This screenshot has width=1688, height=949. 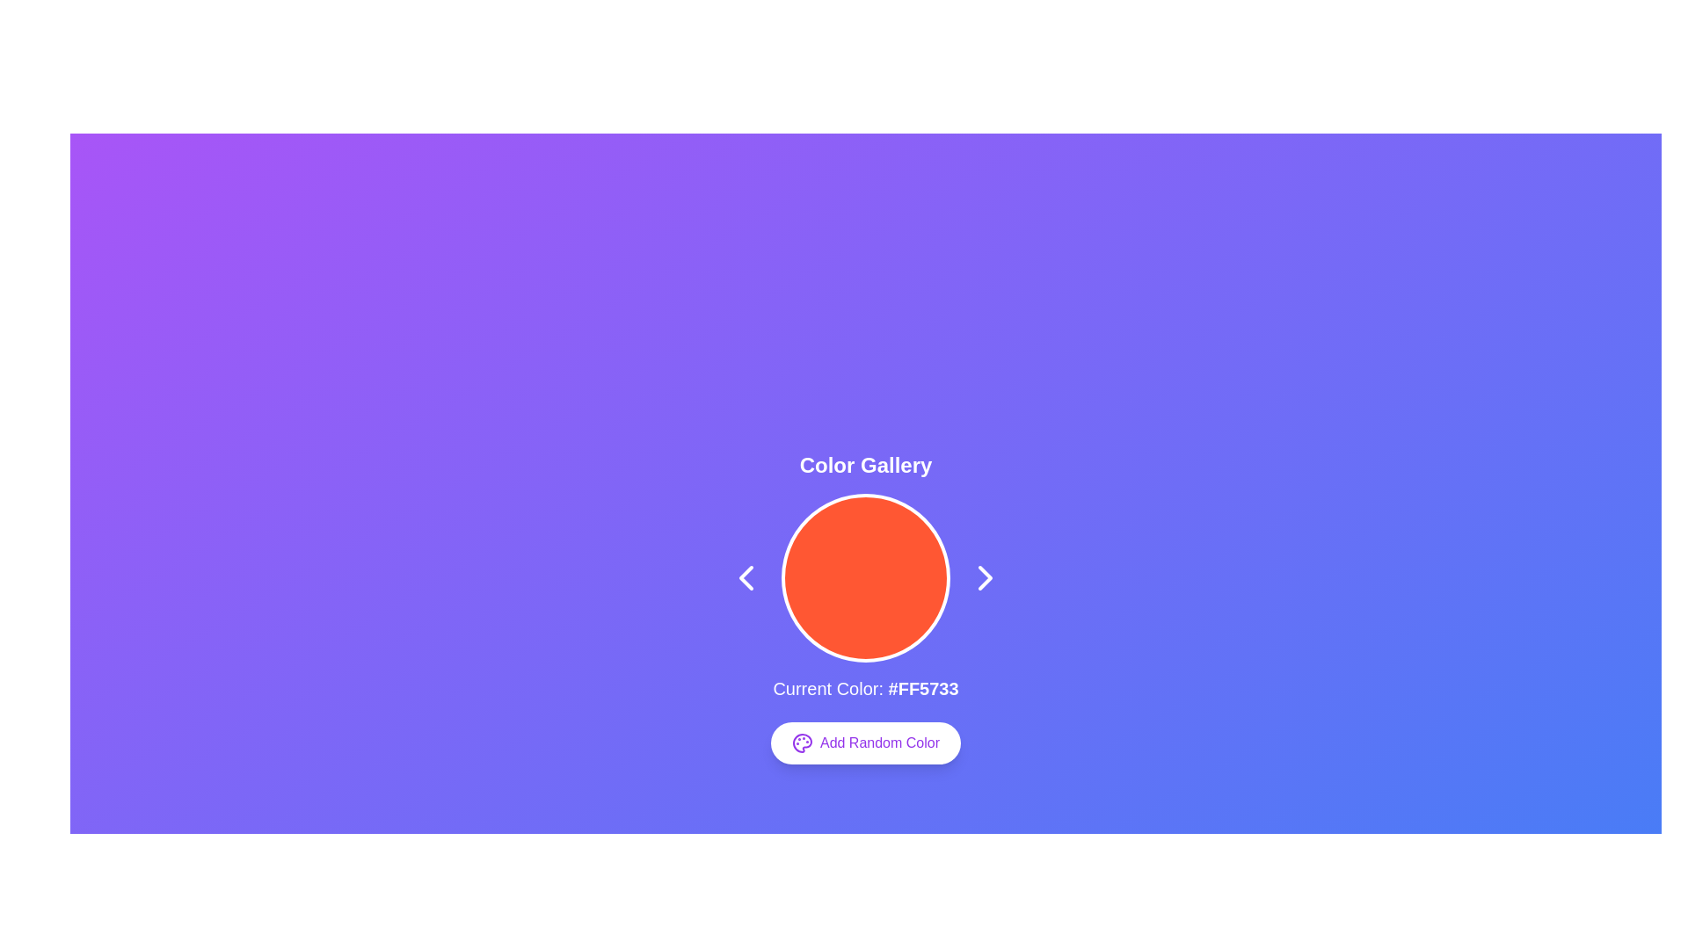 What do you see at coordinates (922, 687) in the screenshot?
I see `text snippet displaying the color code '#FF5733' that is bold and features white text against a blue background, located at the bottom of the label 'Current Color:' and centered horizontally on the page` at bounding box center [922, 687].